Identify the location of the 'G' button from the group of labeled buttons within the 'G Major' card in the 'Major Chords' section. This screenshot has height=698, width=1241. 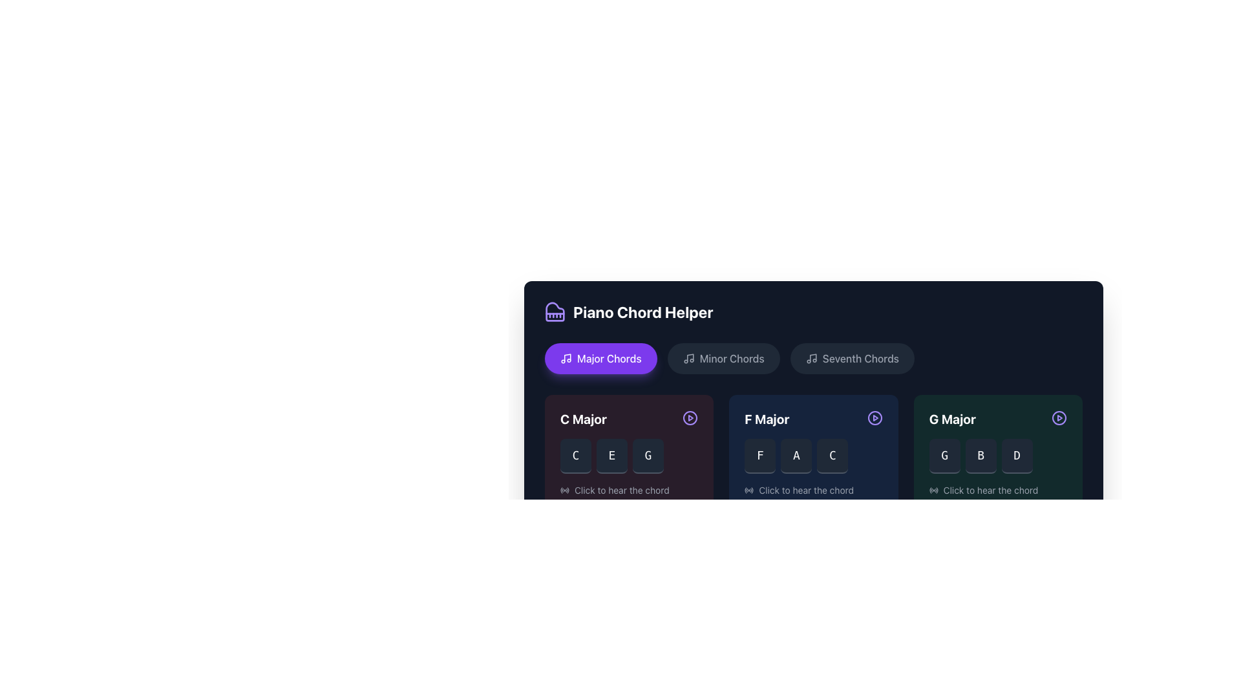
(997, 455).